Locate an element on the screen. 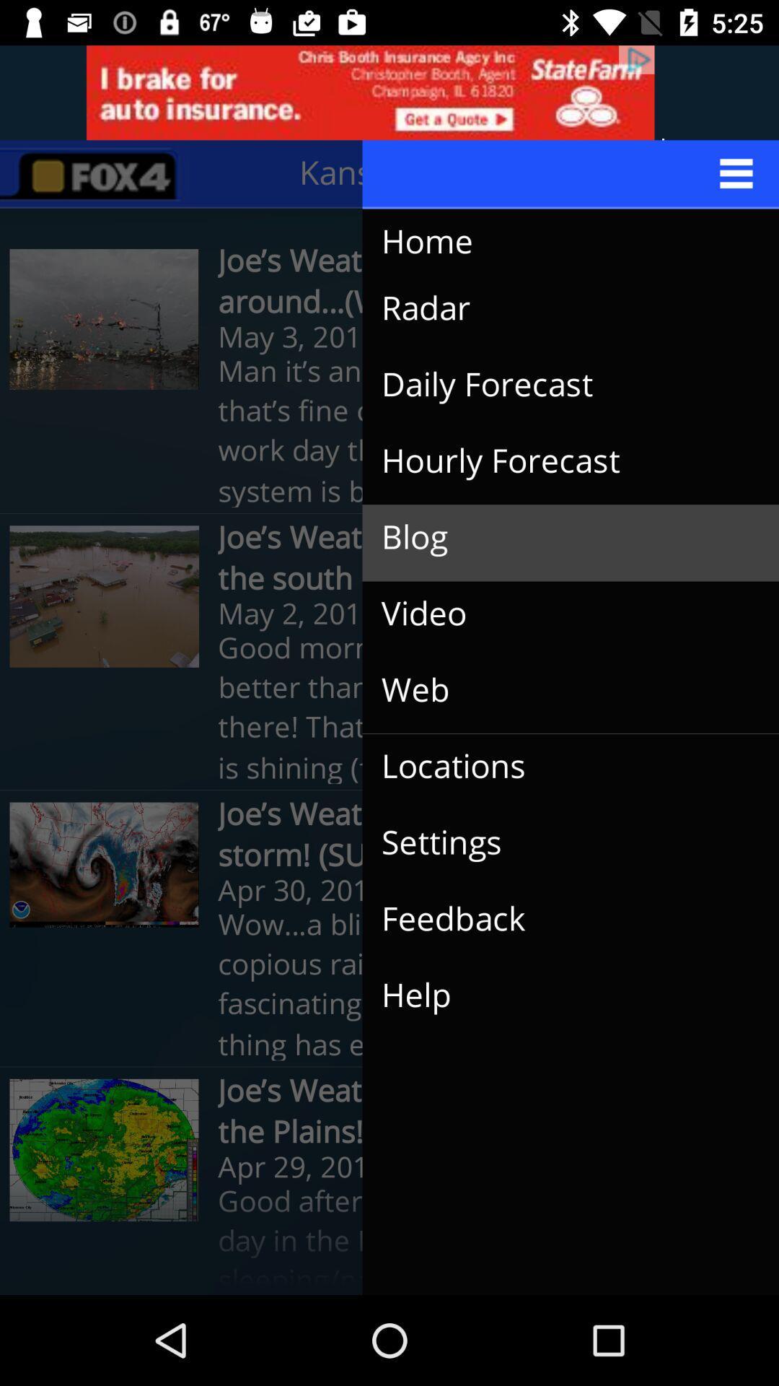 The width and height of the screenshot is (779, 1386). the fifth option under the menu is located at coordinates (104, 1149).